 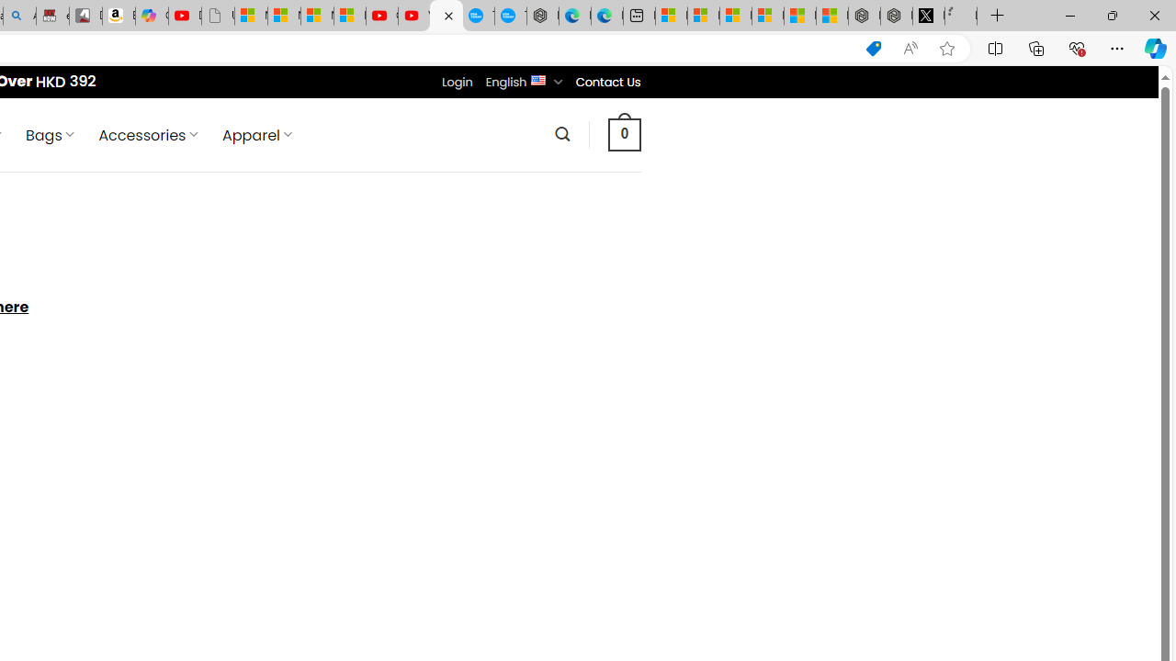 What do you see at coordinates (929, 16) in the screenshot?
I see `'Nordace (@NordaceOfficial) / X'` at bounding box center [929, 16].